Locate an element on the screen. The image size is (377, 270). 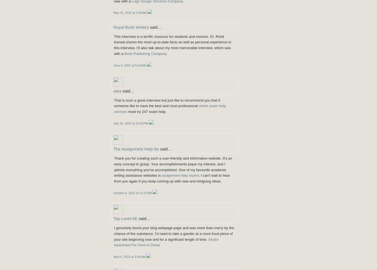
'Thank you for creating such a user-friendly and informative website. It's an easy concept to grasp. Your accomplishments pique my interest, and I admire everything you've accomplished. One of my favourite academic writing assistance websites is' is located at coordinates (113, 167).